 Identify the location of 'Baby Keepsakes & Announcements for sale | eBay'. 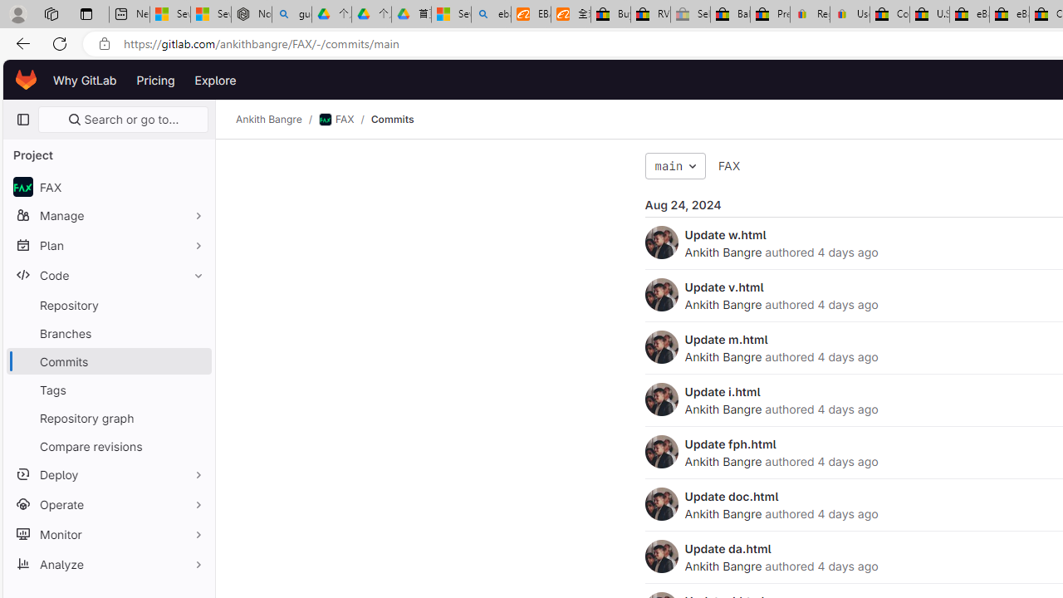
(730, 14).